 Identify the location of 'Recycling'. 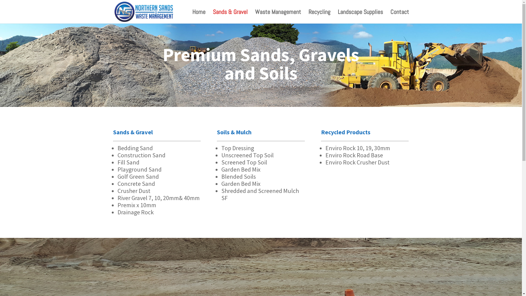
(319, 16).